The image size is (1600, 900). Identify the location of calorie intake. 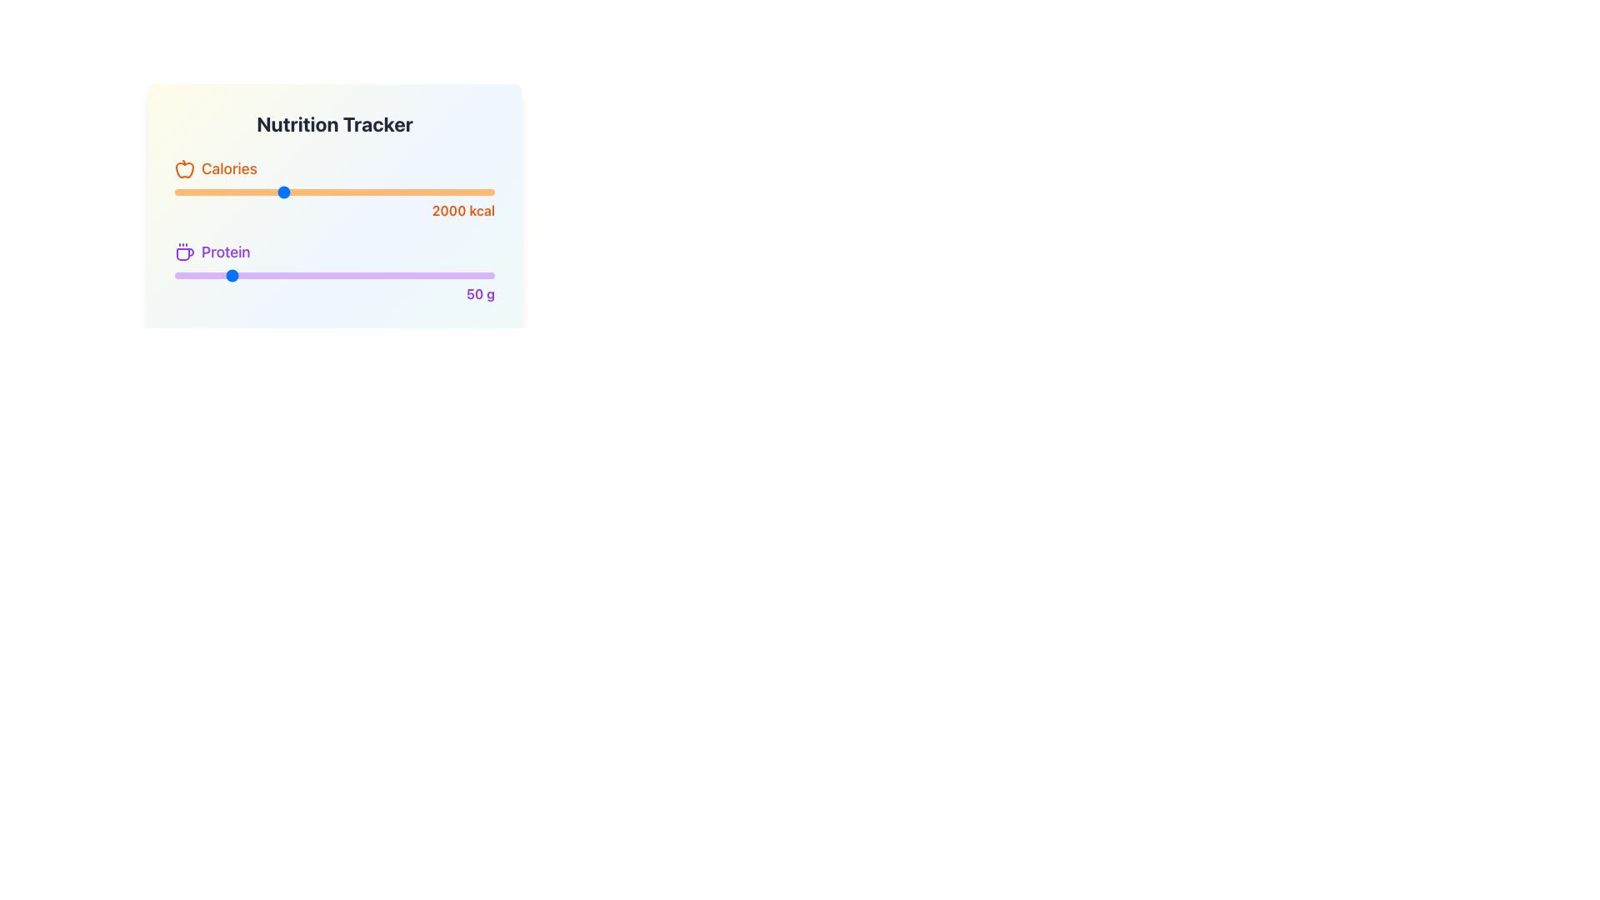
(344, 188).